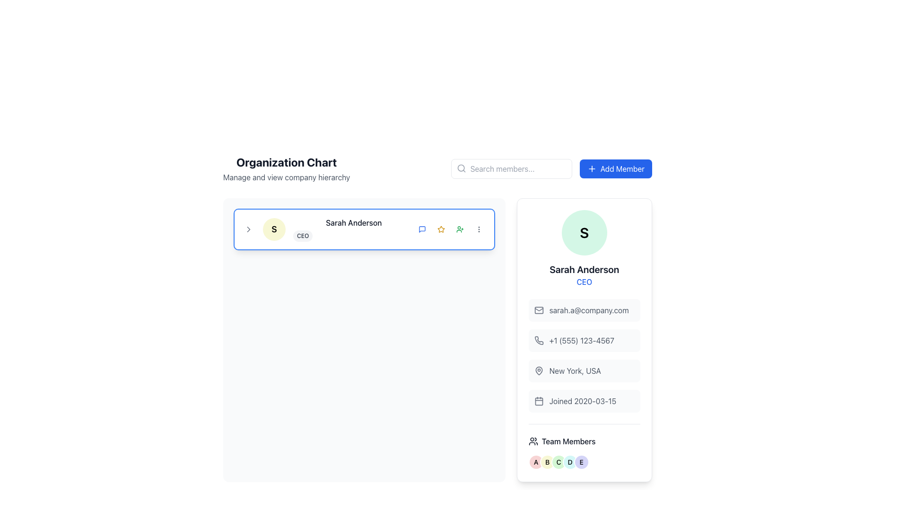 This screenshot has width=908, height=511. I want to click on the Icon button located at the leftmost position of a horizontally-aligned row inside a card, adjacent to a circular avatar icon, so click(249, 229).